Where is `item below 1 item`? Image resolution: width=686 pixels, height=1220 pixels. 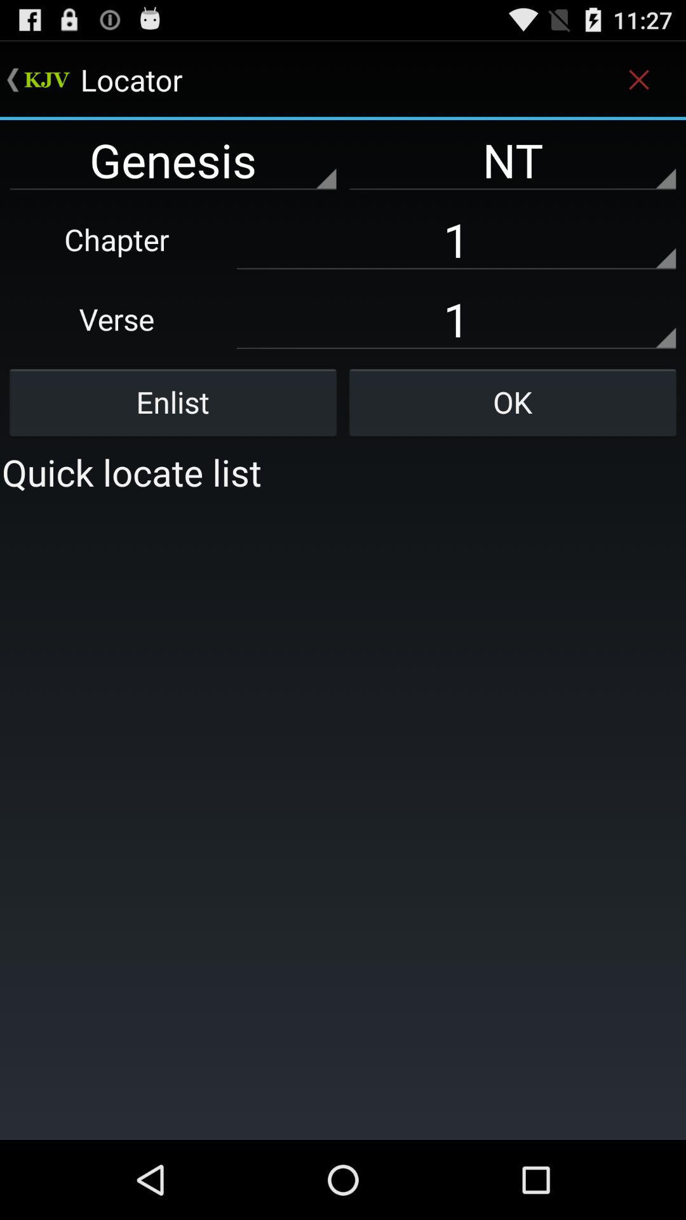 item below 1 item is located at coordinates (512, 402).